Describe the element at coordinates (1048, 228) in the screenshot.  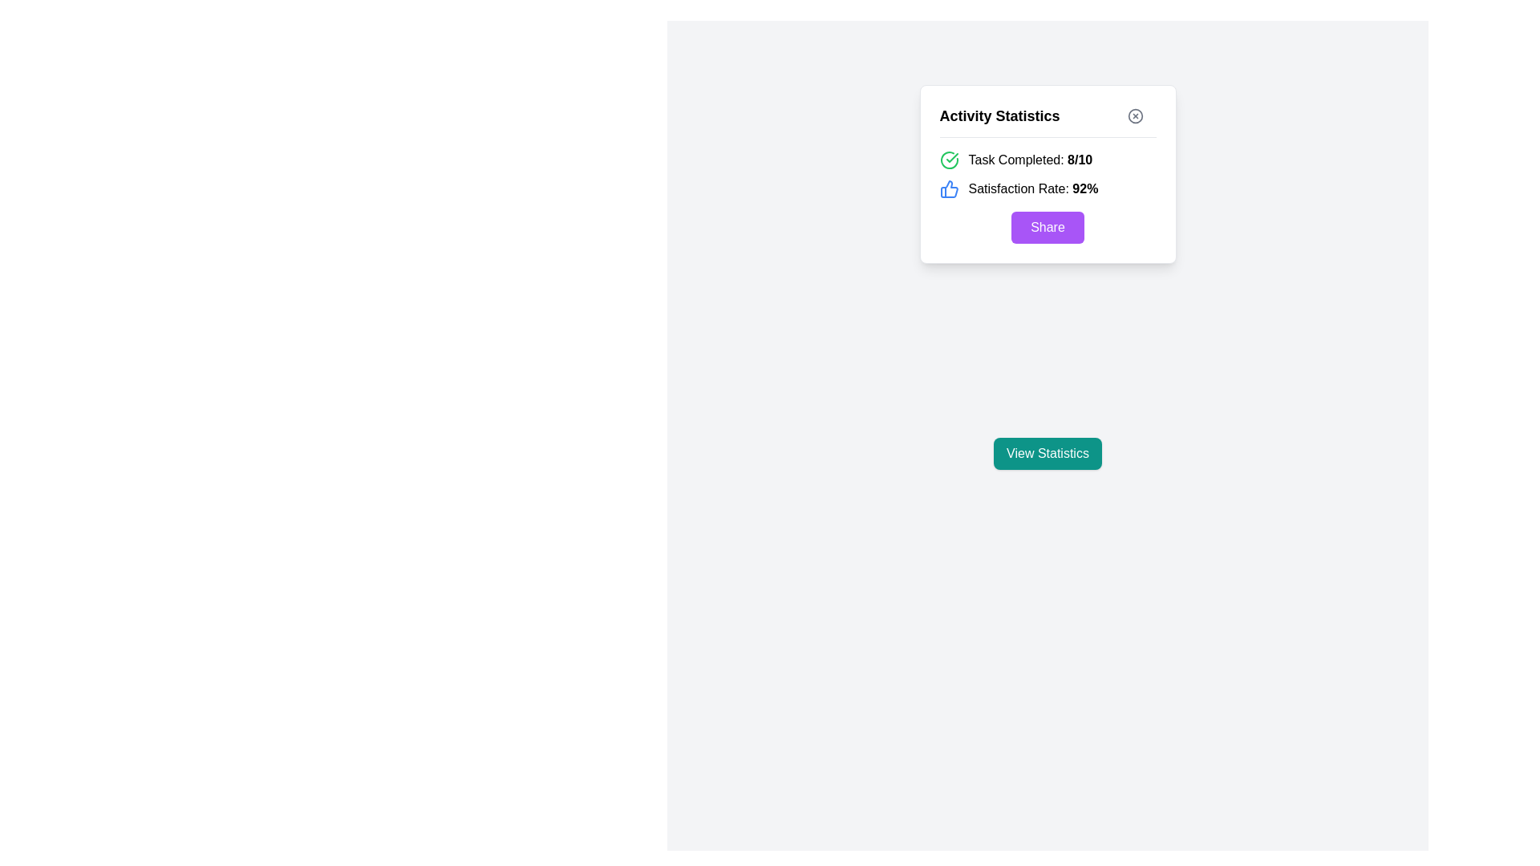
I see `the rectangular purple button labeled 'Share' located below the text 'Satisfaction Rate: 92%' in the 'Activity Statistics' card` at that location.